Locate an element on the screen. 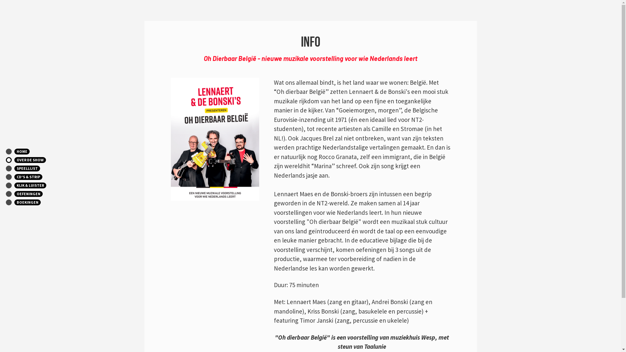 Image resolution: width=626 pixels, height=352 pixels. 'SPEELLIJST' is located at coordinates (35, 168).